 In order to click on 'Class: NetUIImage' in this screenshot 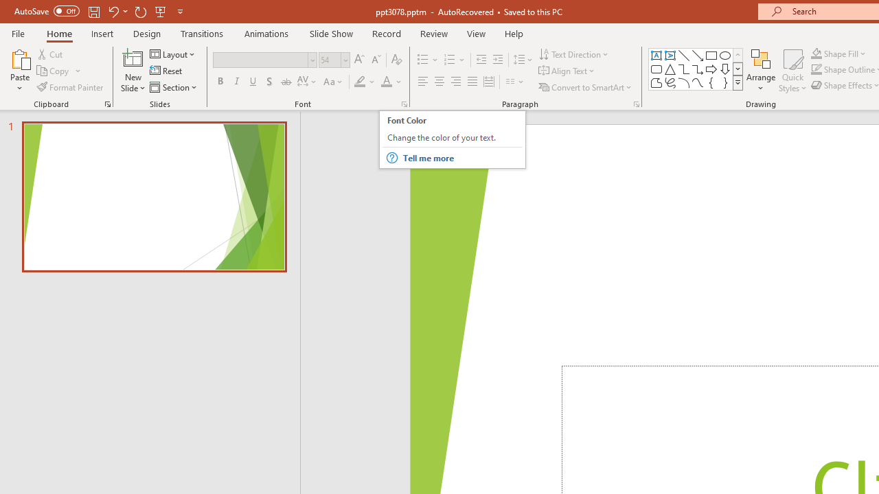, I will do `click(738, 82)`.